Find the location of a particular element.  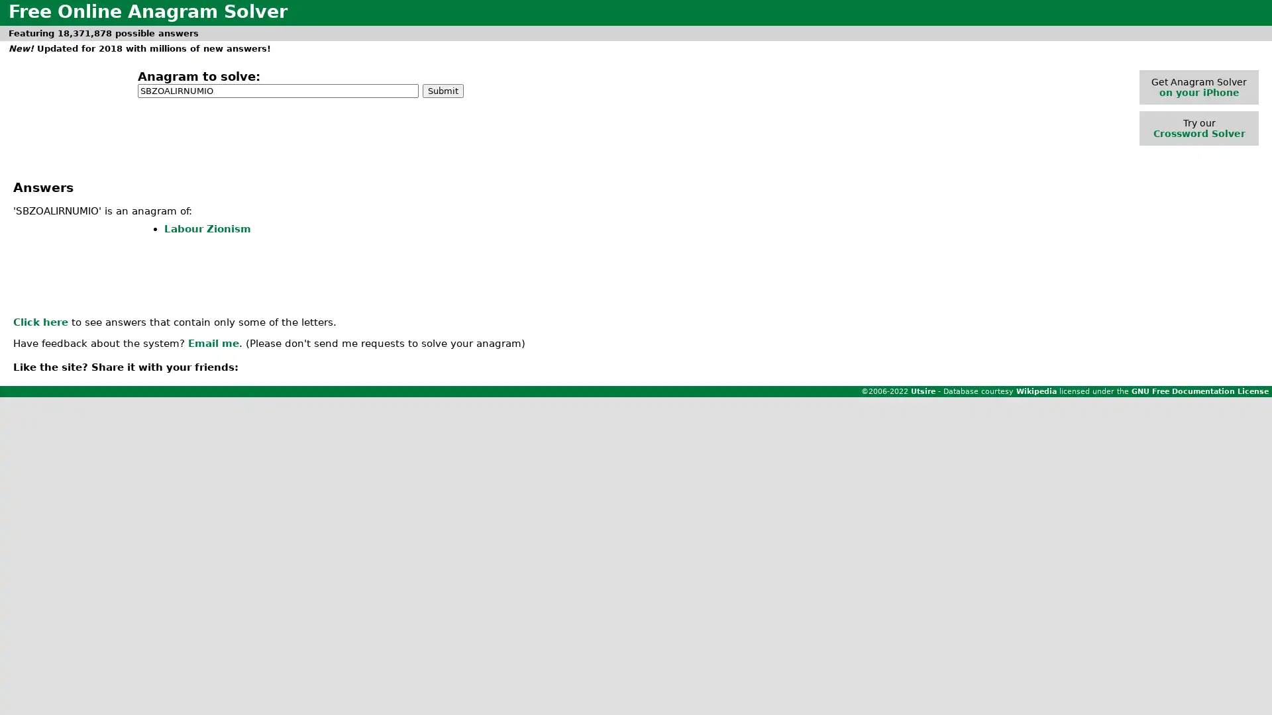

Submit is located at coordinates (443, 89).